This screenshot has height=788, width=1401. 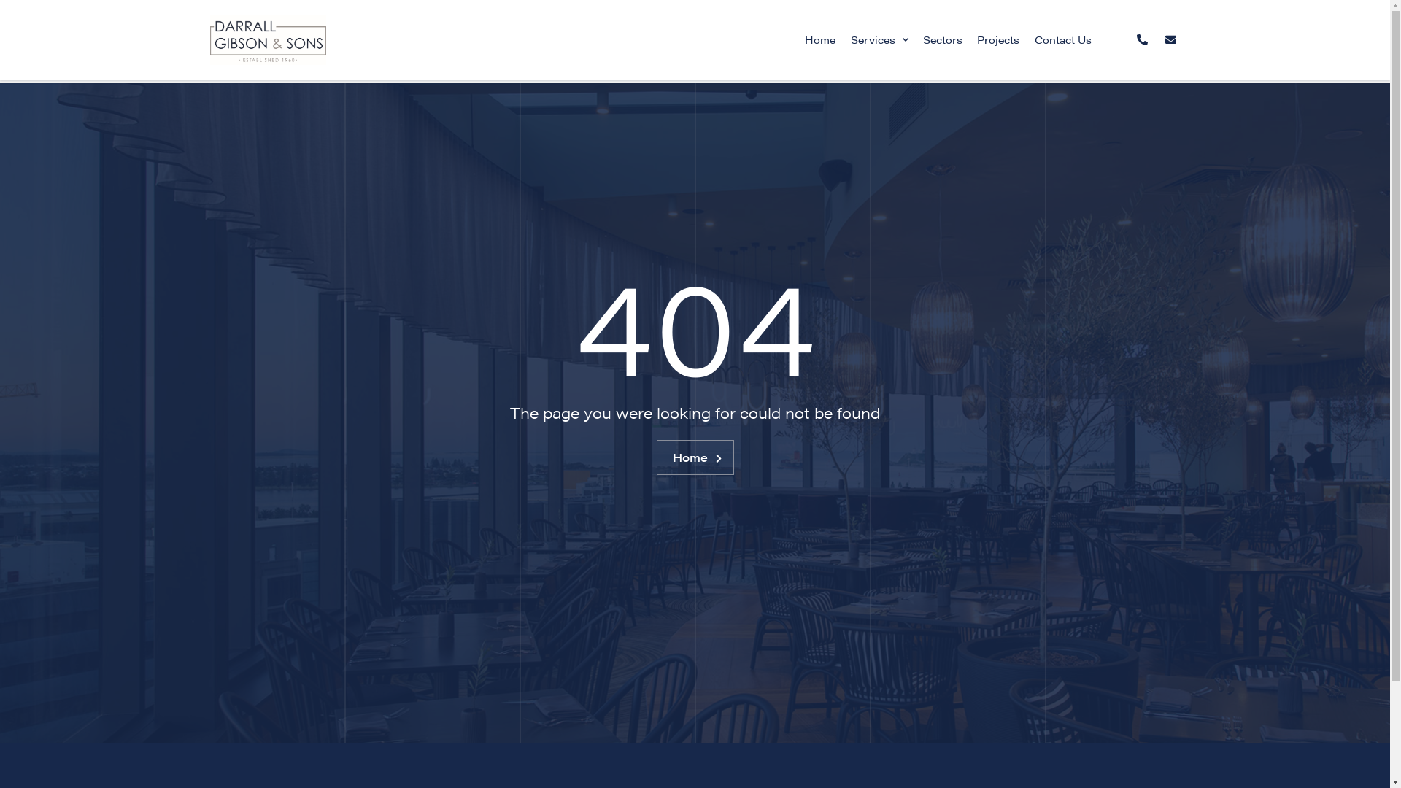 What do you see at coordinates (656, 457) in the screenshot?
I see `'Home'` at bounding box center [656, 457].